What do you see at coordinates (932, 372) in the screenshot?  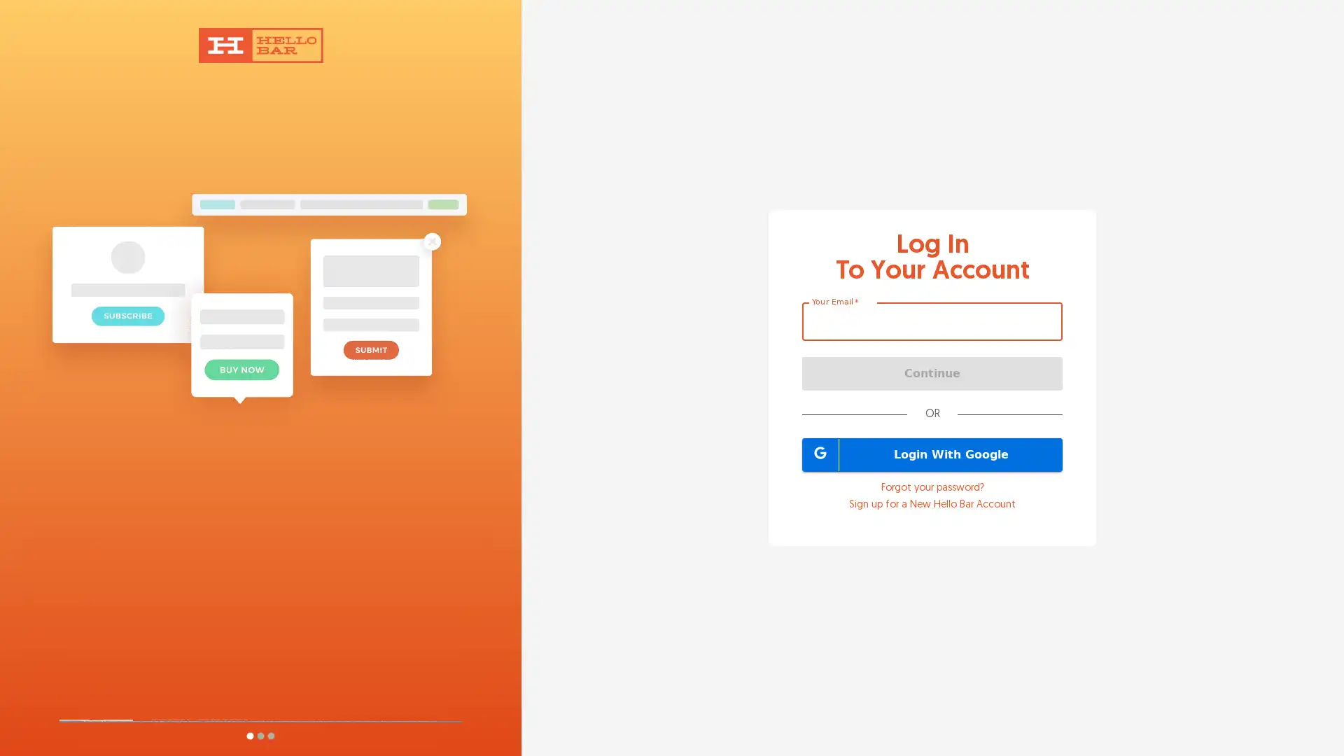 I see `Continue` at bounding box center [932, 372].